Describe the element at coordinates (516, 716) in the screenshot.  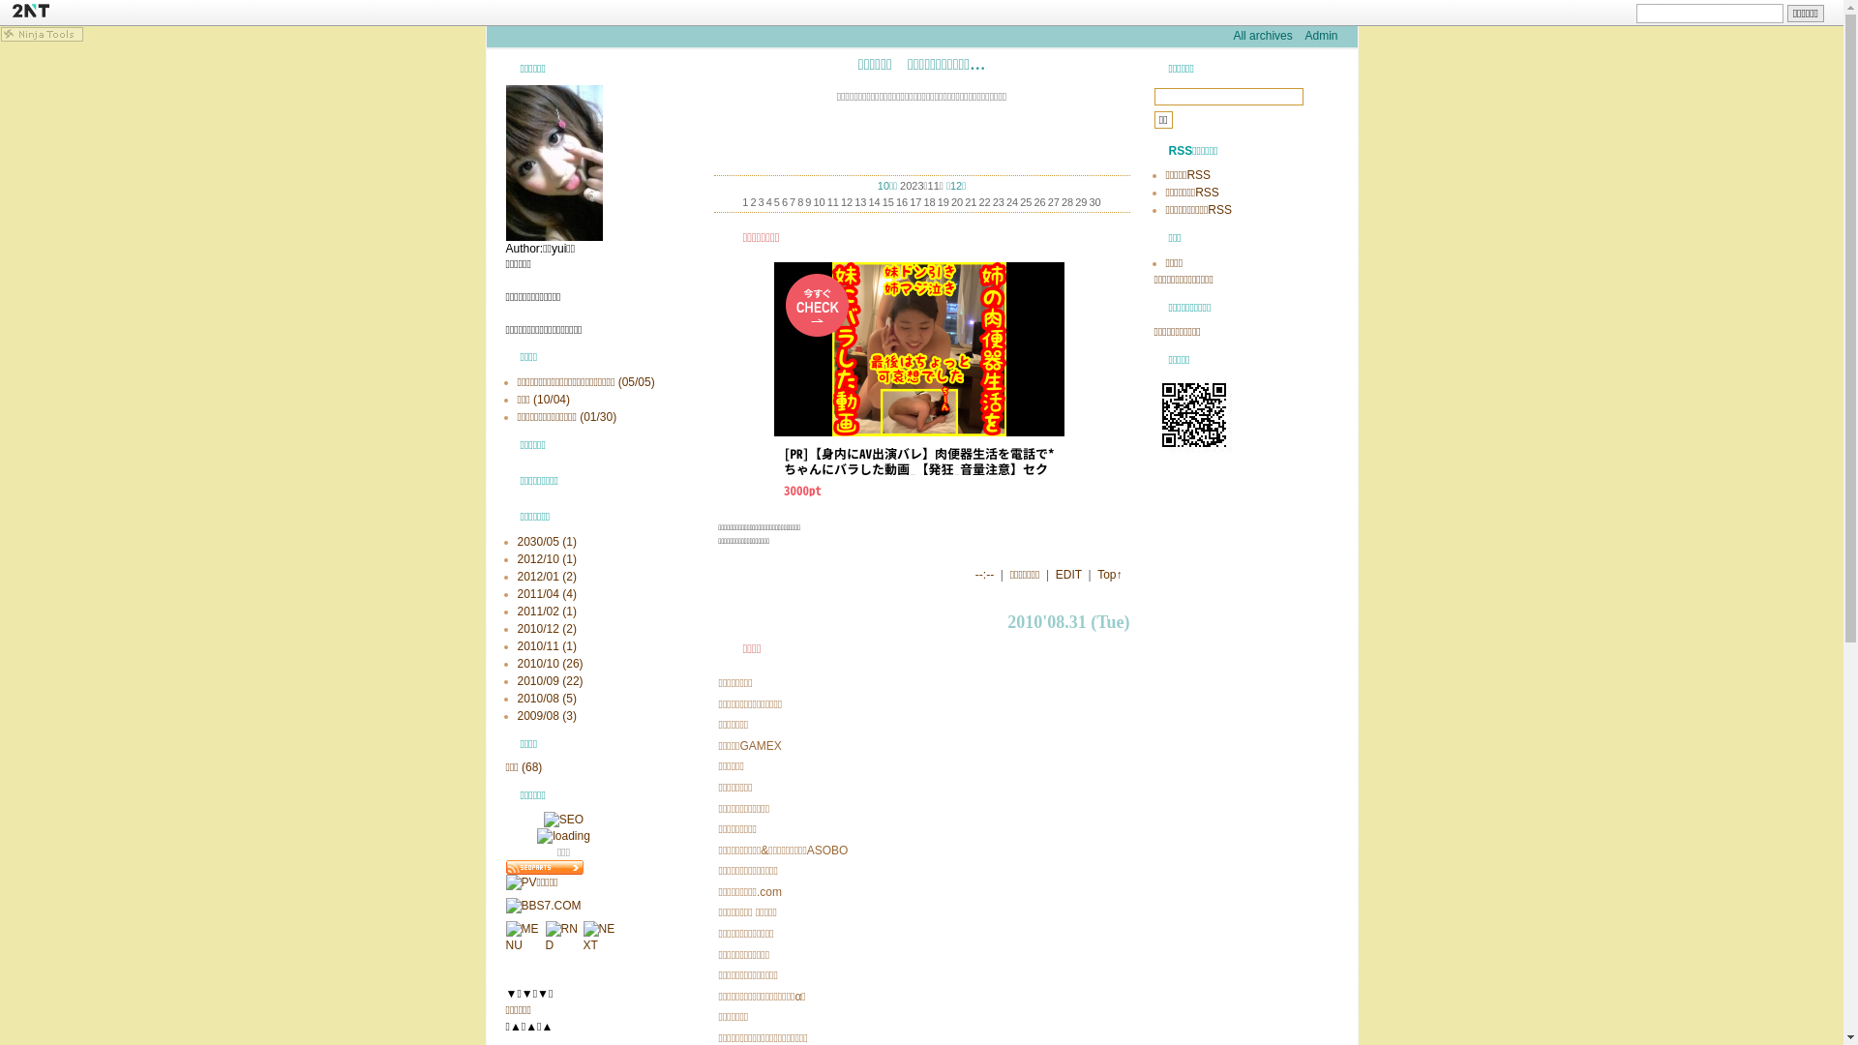
I see `'2009/08 (3)'` at that location.